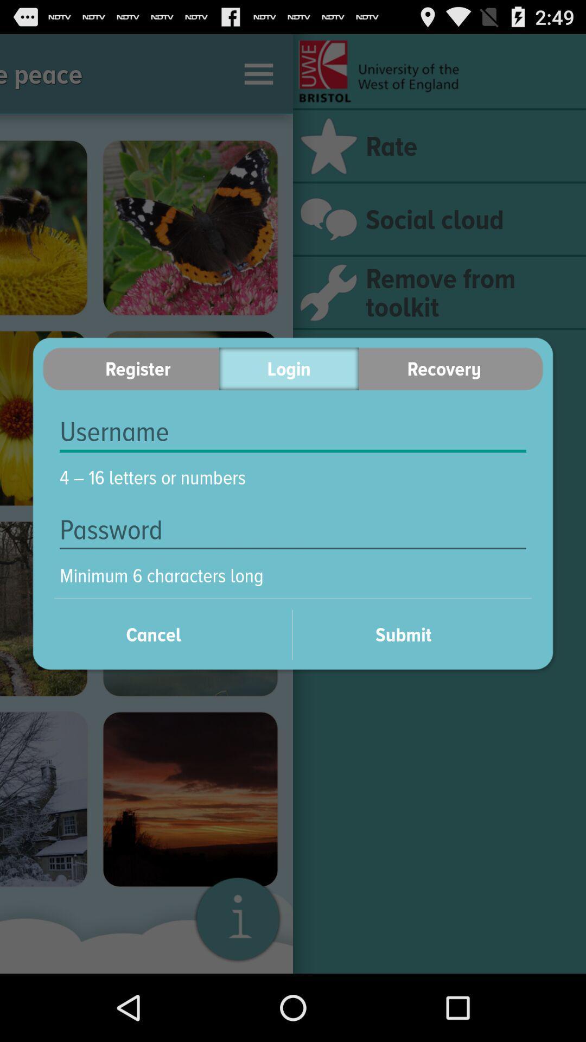 The width and height of the screenshot is (586, 1042). What do you see at coordinates (293, 530) in the screenshot?
I see `item above minimum 6 characters item` at bounding box center [293, 530].